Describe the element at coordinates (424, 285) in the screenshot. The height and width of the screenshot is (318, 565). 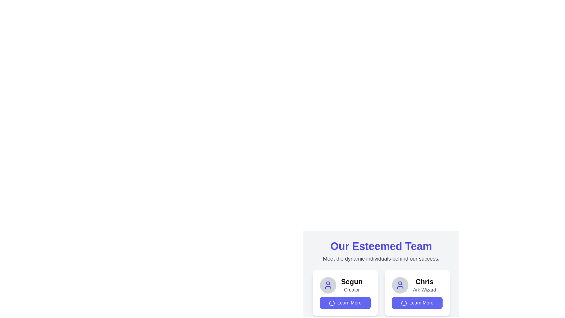
I see `textual content displaying the name and title of the second team member, positioned to the right of the avatar icon` at that location.